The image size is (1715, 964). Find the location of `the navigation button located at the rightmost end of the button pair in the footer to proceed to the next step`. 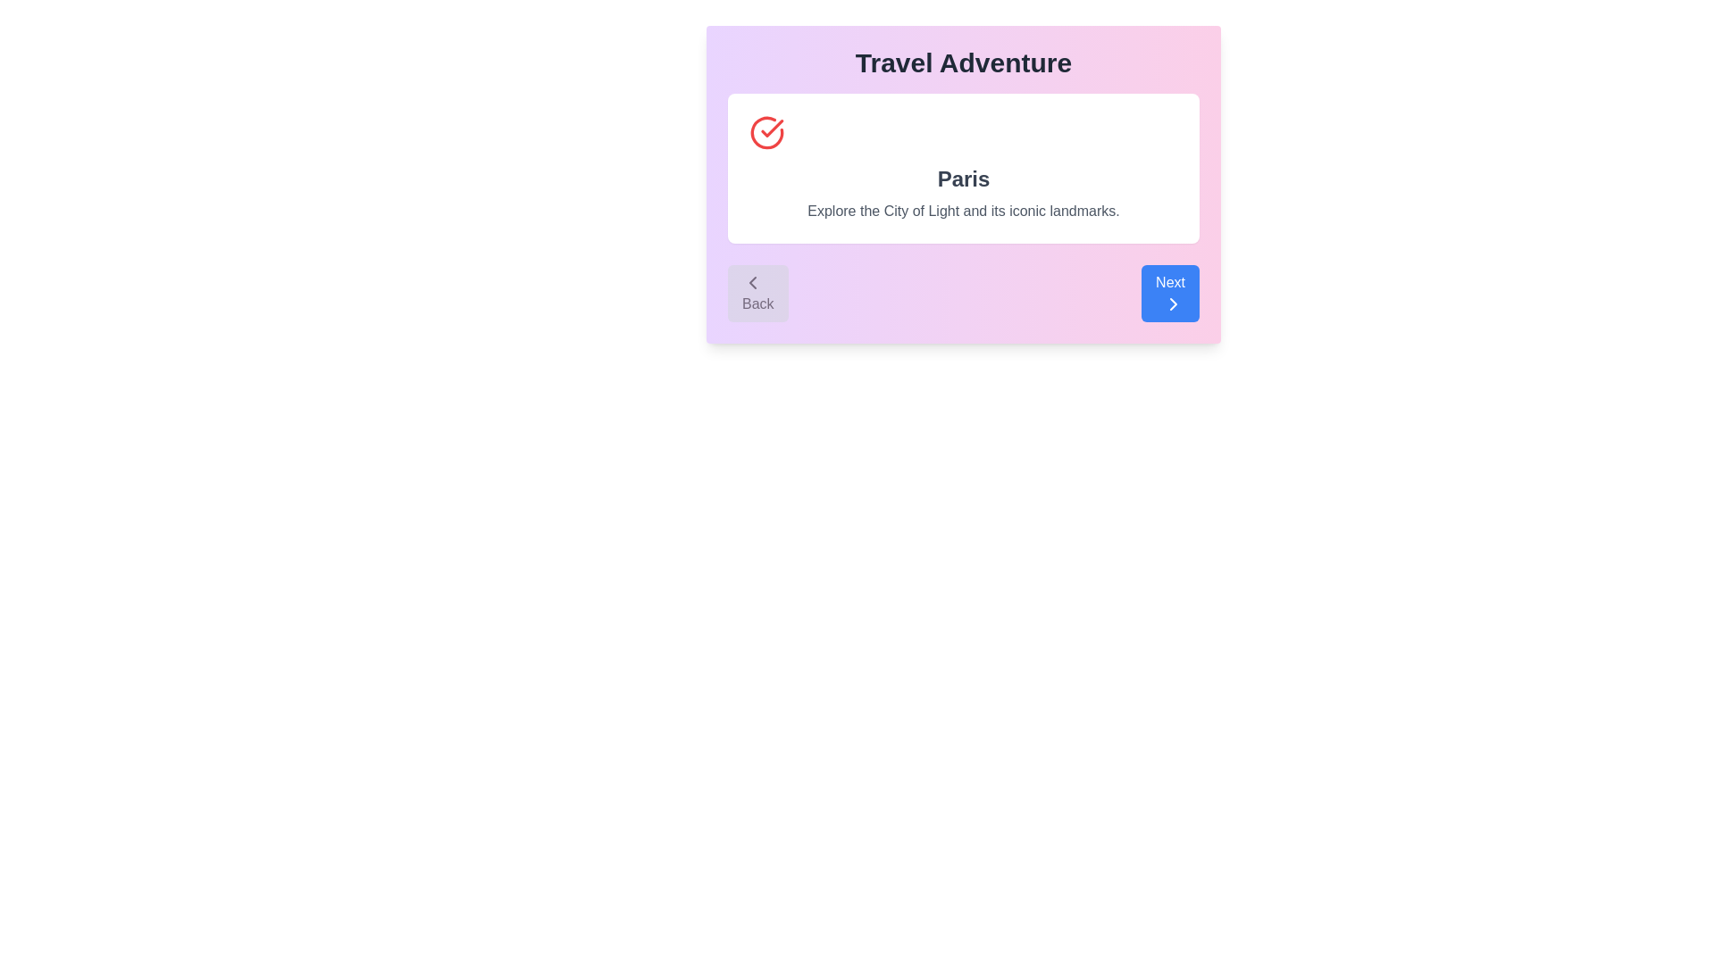

the navigation button located at the rightmost end of the button pair in the footer to proceed to the next step is located at coordinates (1170, 292).